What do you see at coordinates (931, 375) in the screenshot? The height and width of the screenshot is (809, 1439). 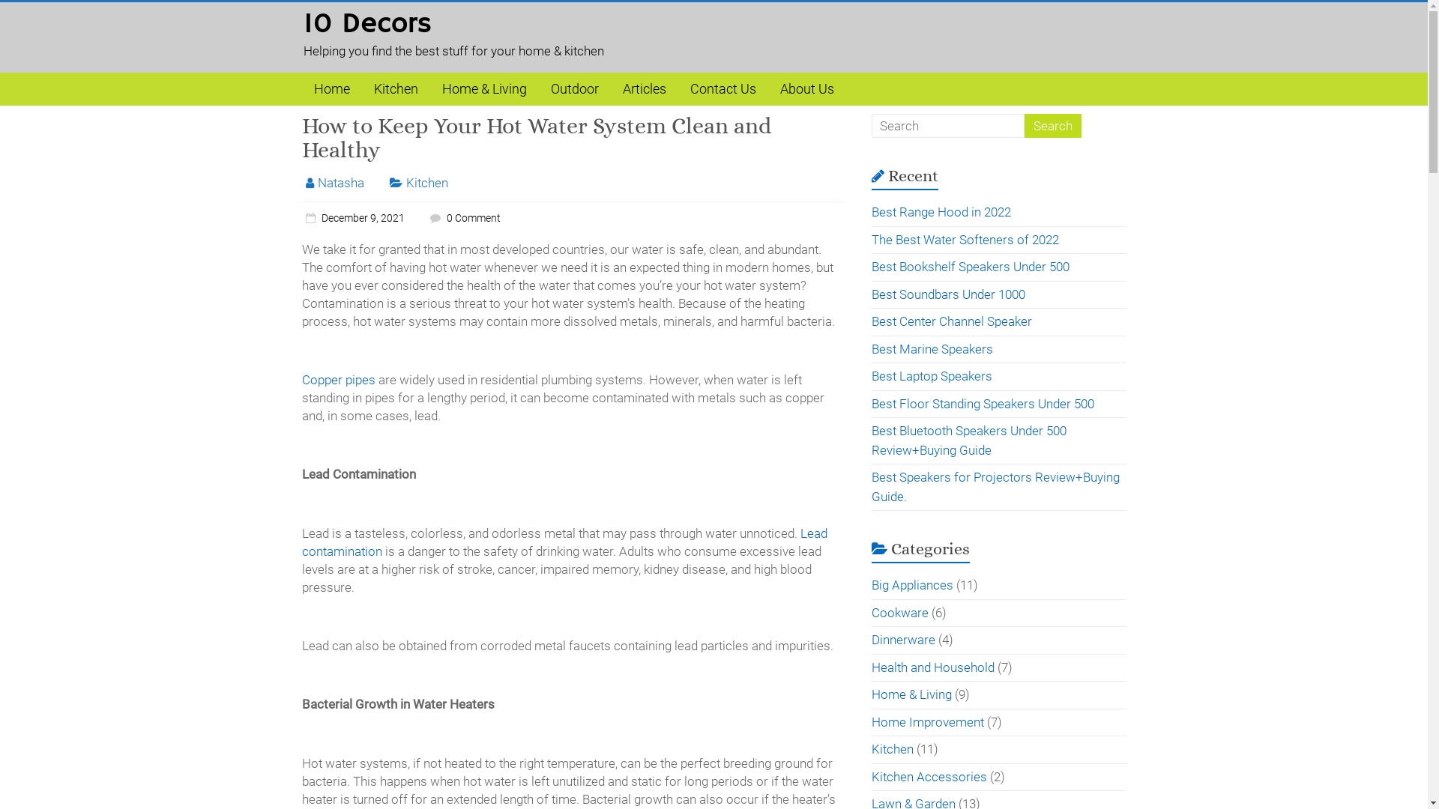 I see `'Best Laptop Speakers'` at bounding box center [931, 375].